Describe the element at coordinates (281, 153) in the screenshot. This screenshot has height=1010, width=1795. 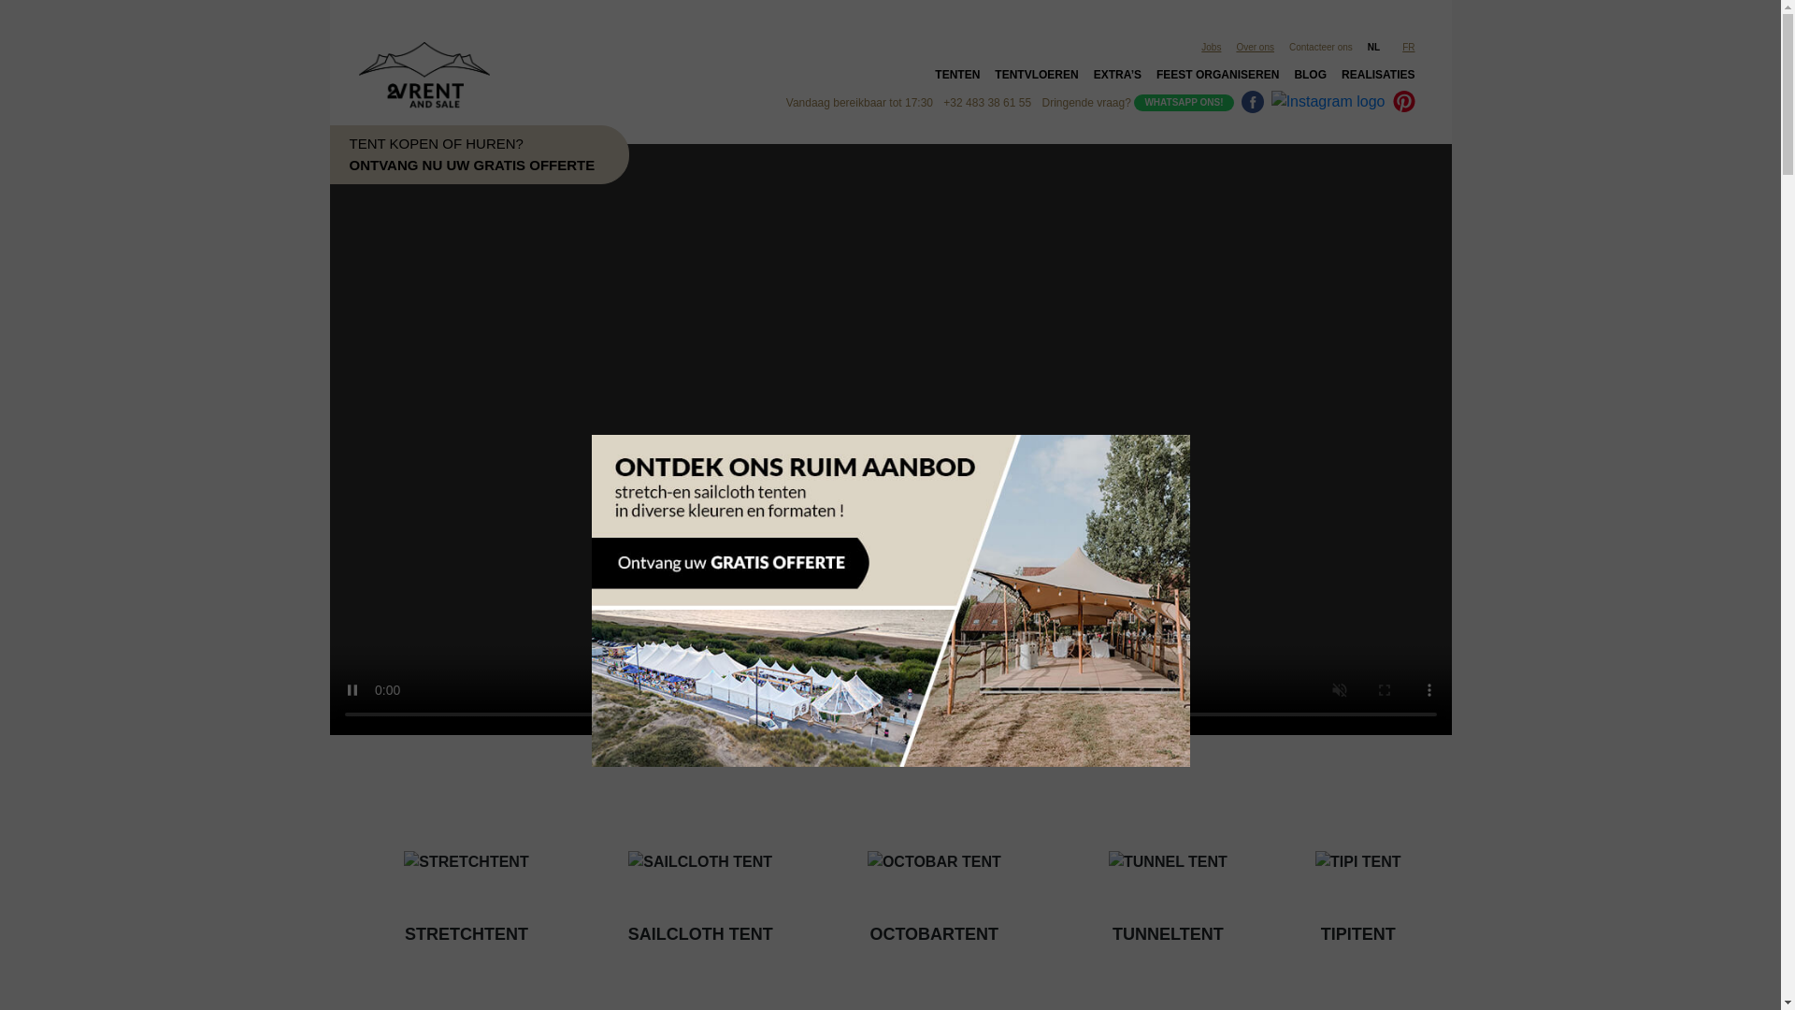
I see `'TENT KOPEN OF HUREN?` at that location.